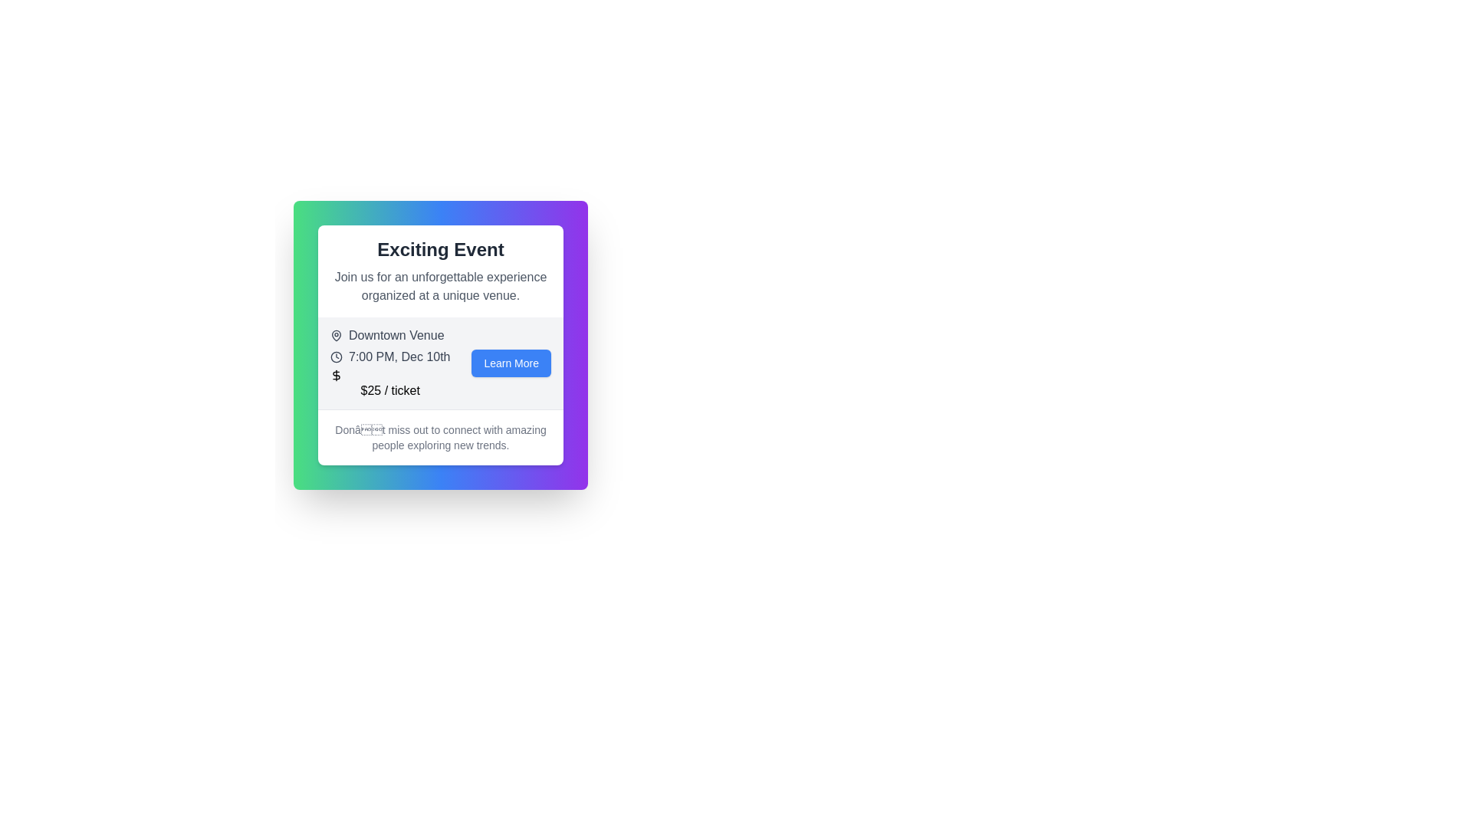 Image resolution: width=1472 pixels, height=828 pixels. What do you see at coordinates (390, 335) in the screenshot?
I see `the static label 'Downtown Venue' which features a light gray text and a map pin icon, positioned at the top of the event details section` at bounding box center [390, 335].